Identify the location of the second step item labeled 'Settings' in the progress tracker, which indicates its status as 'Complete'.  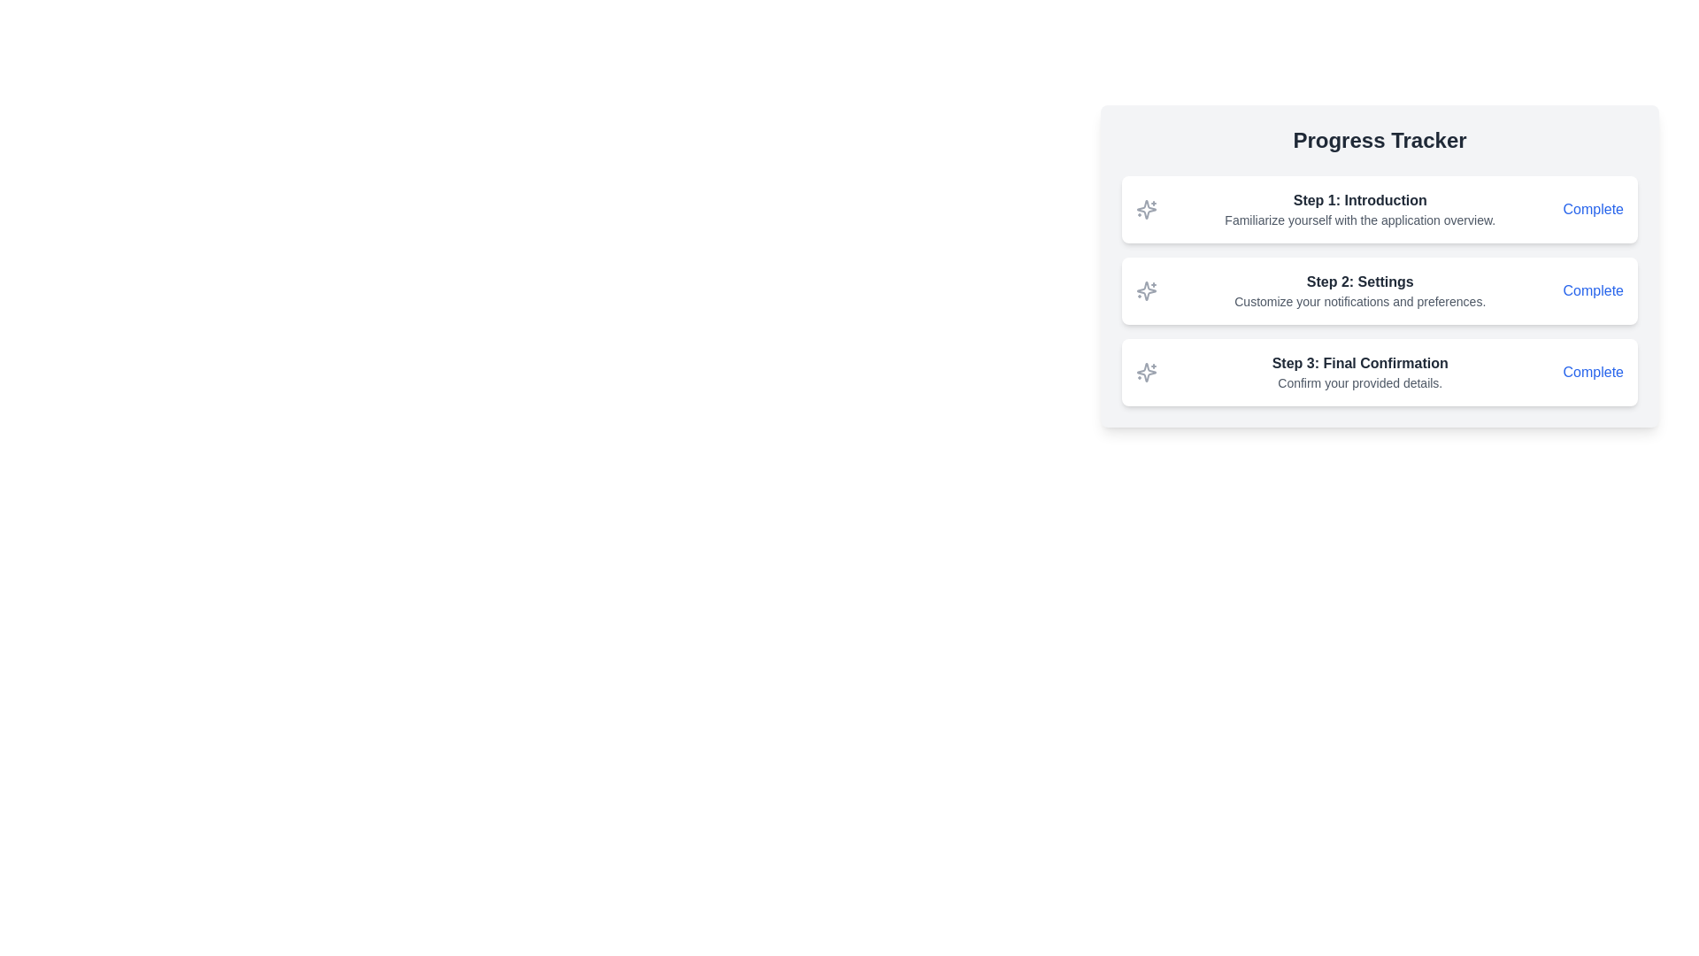
(1379, 289).